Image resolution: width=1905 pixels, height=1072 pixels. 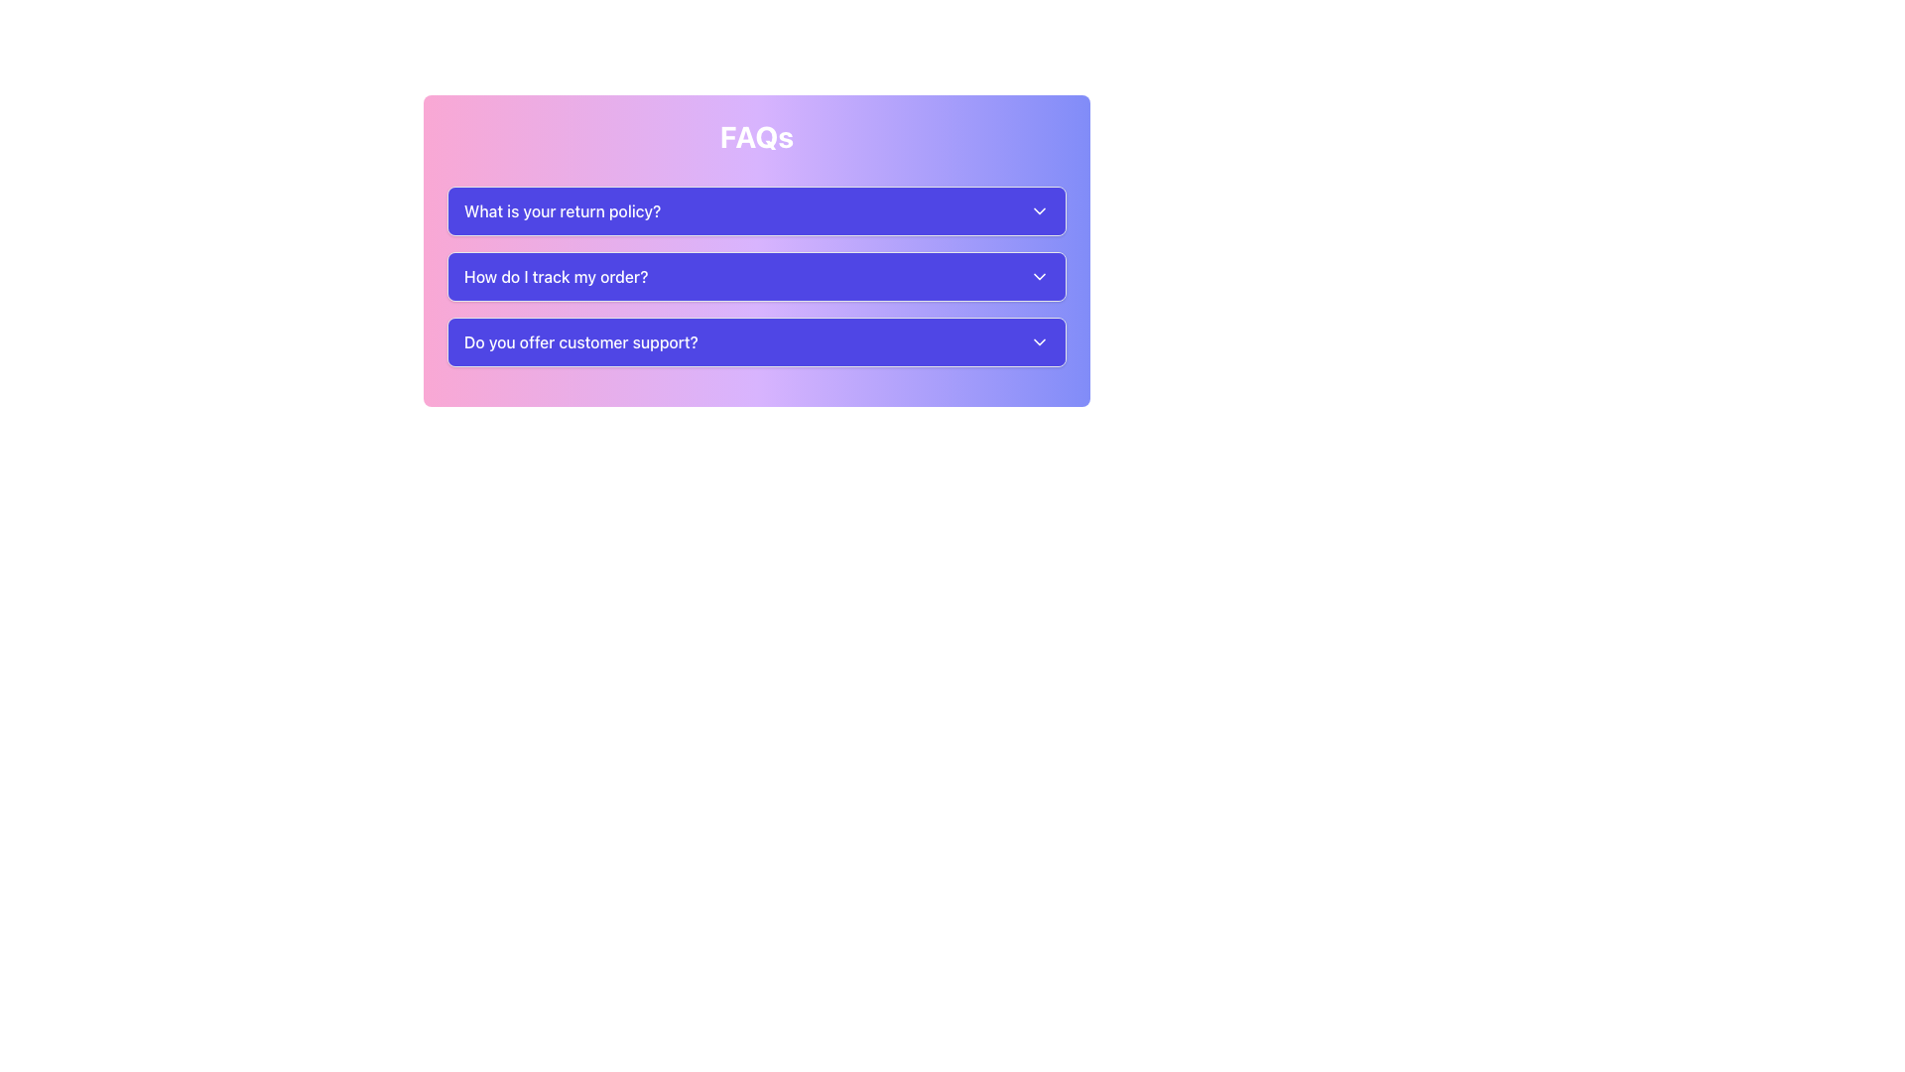 I want to click on the third FAQ item in the accordion-style interface, so click(x=756, y=340).